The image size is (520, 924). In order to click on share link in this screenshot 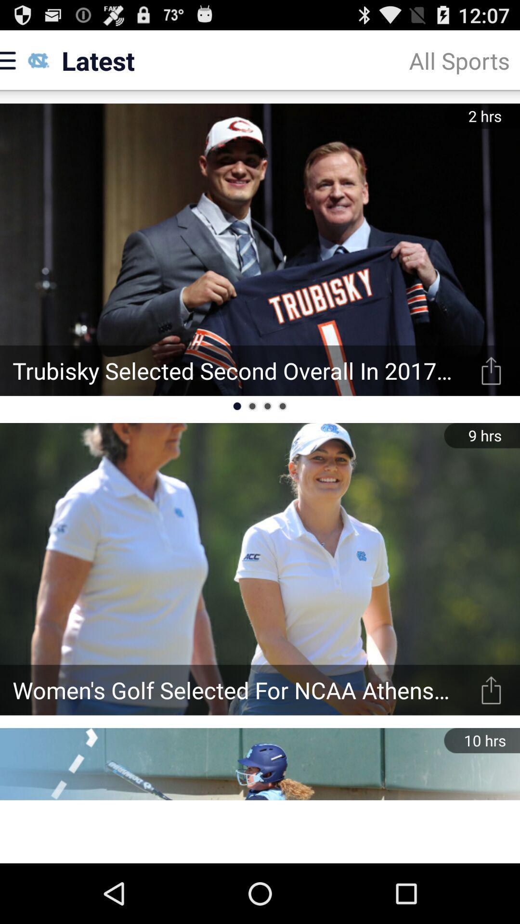, I will do `click(491, 690)`.